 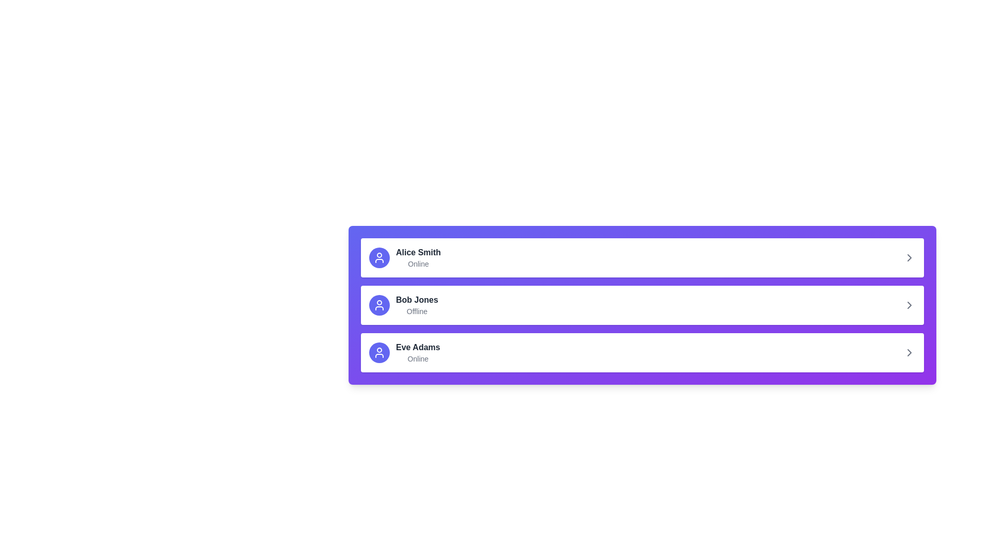 What do you see at coordinates (909, 304) in the screenshot?
I see `the navigational arrow icon located on the rightmost part of the 'Bob Jones Offline' section` at bounding box center [909, 304].